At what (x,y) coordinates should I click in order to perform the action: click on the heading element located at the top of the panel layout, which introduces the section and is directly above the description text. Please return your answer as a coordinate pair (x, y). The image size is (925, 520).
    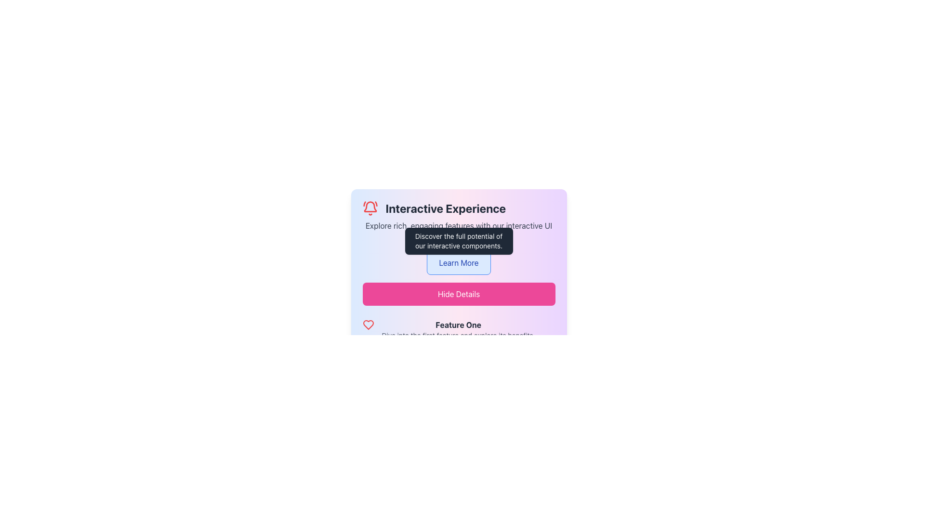
    Looking at the image, I should click on (458, 208).